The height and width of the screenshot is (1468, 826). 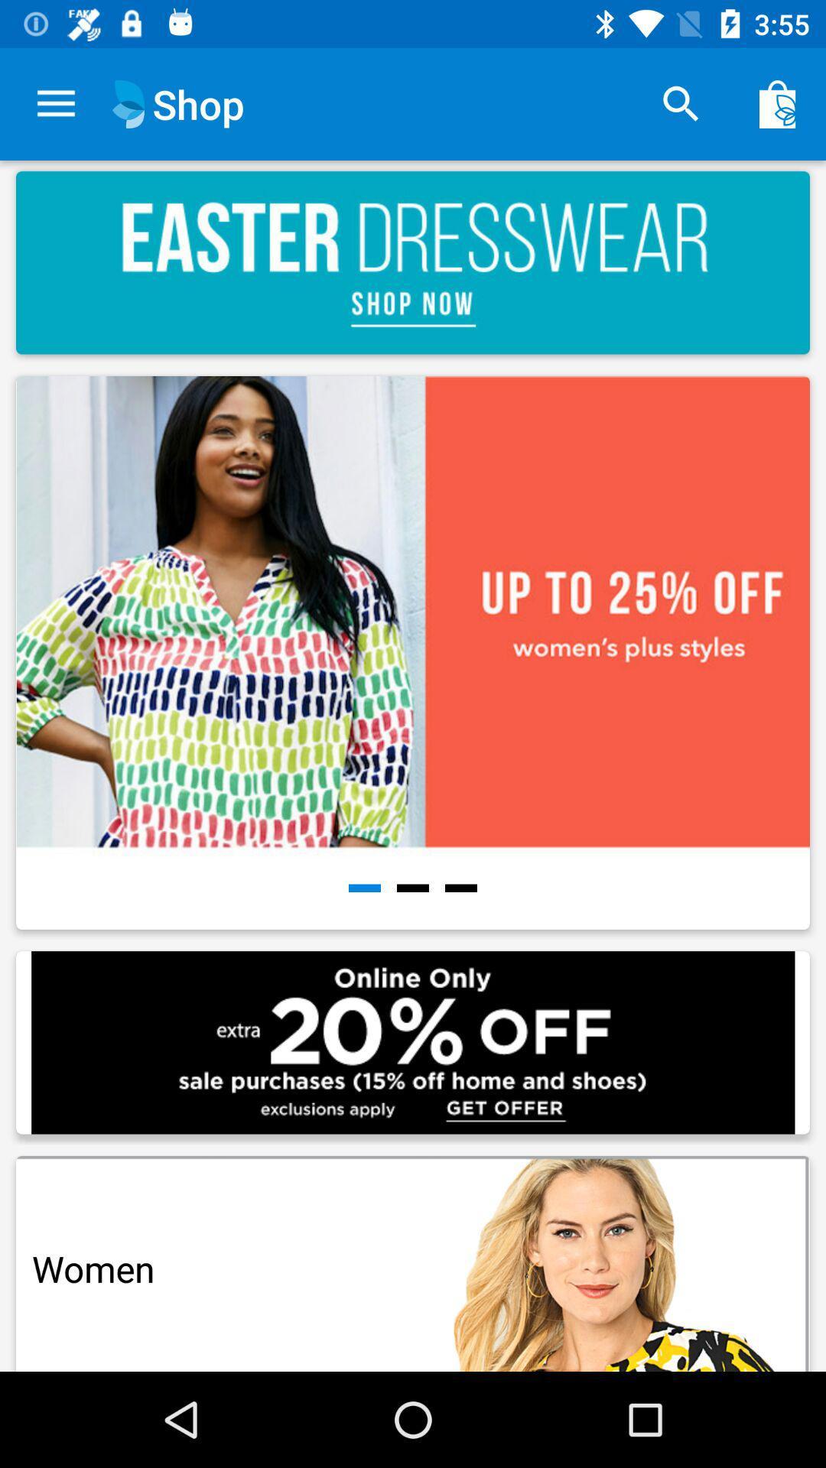 I want to click on the first image, so click(x=413, y=653).